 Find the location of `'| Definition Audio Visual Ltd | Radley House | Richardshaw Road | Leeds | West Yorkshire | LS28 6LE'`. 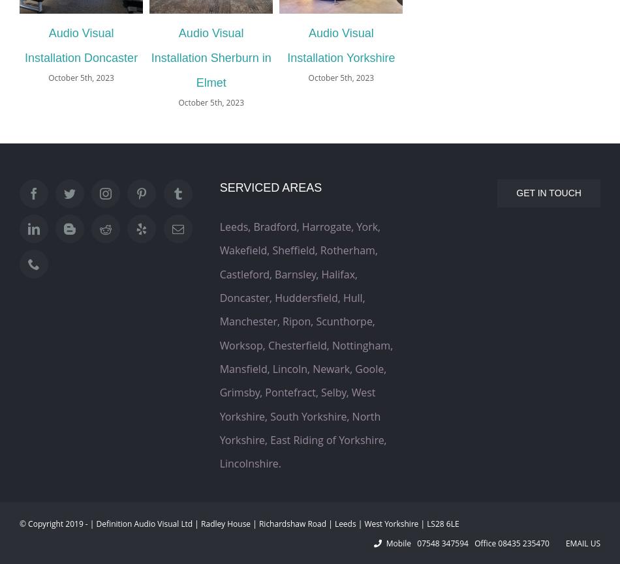

'| Definition Audio Visual Ltd | Radley House | Richardshaw Road | Leeds | West Yorkshire | LS28 6LE' is located at coordinates (273, 522).